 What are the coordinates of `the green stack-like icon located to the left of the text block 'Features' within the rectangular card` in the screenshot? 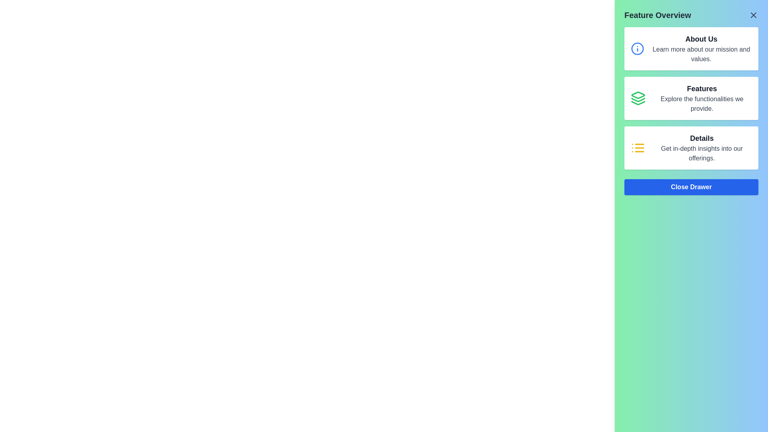 It's located at (638, 98).